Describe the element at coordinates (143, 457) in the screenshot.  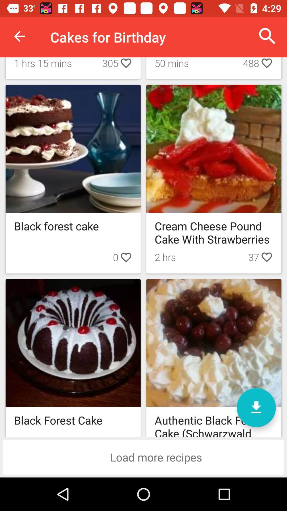
I see `load more recipes` at that location.